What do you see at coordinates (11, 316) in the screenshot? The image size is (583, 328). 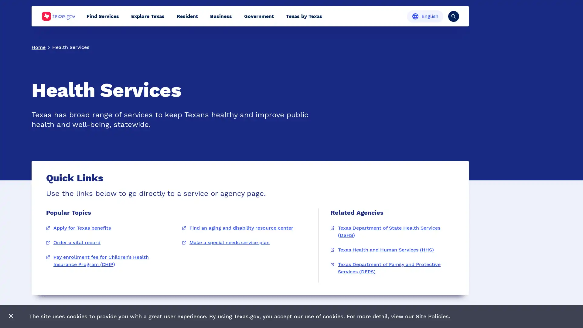 I see `Close` at bounding box center [11, 316].